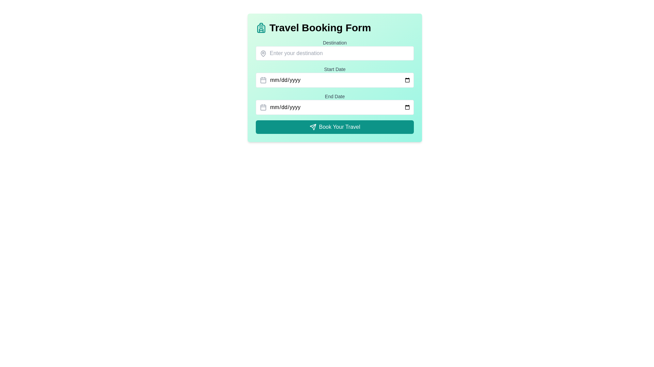 The width and height of the screenshot is (654, 367). What do you see at coordinates (335, 104) in the screenshot?
I see `the 'End Date' input field` at bounding box center [335, 104].